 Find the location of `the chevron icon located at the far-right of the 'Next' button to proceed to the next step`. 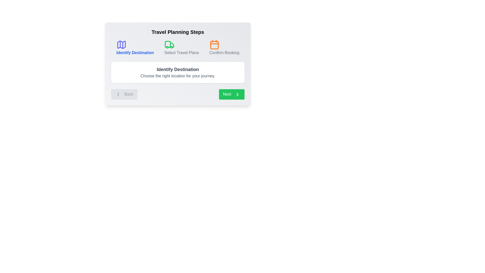

the chevron icon located at the far-right of the 'Next' button to proceed to the next step is located at coordinates (237, 94).